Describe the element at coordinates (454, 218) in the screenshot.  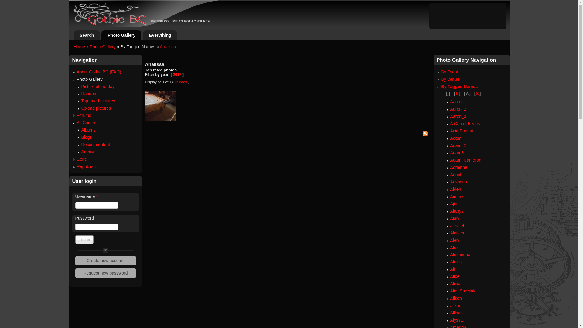
I see `'Alan'` at that location.